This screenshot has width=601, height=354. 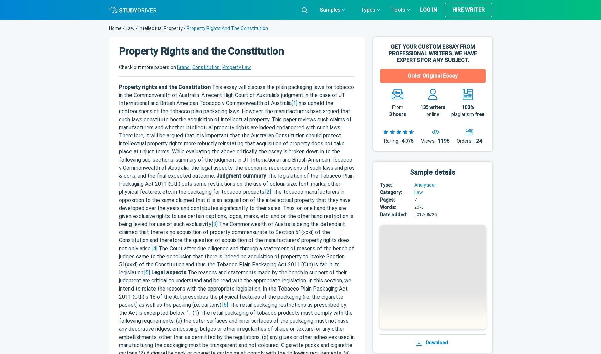 What do you see at coordinates (115, 28) in the screenshot?
I see `'Home'` at bounding box center [115, 28].